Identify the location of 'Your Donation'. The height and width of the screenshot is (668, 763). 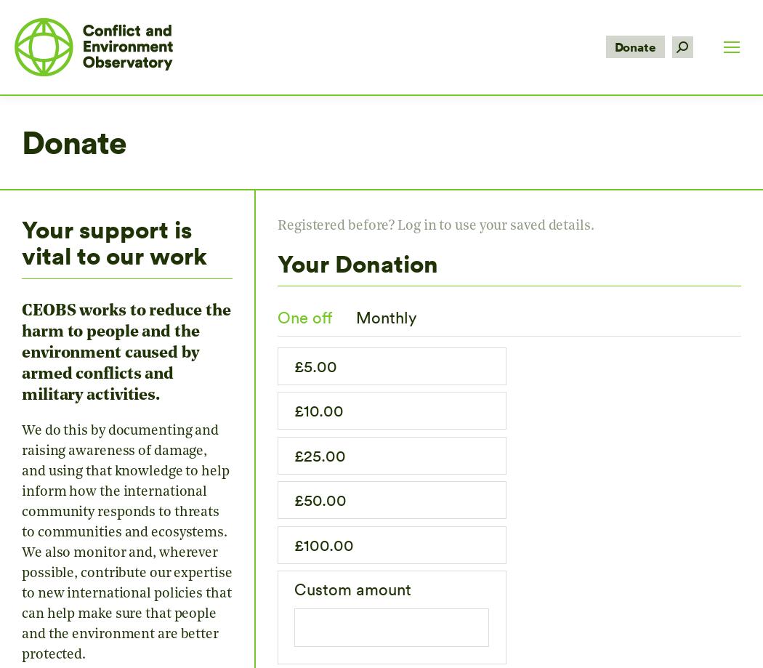
(357, 262).